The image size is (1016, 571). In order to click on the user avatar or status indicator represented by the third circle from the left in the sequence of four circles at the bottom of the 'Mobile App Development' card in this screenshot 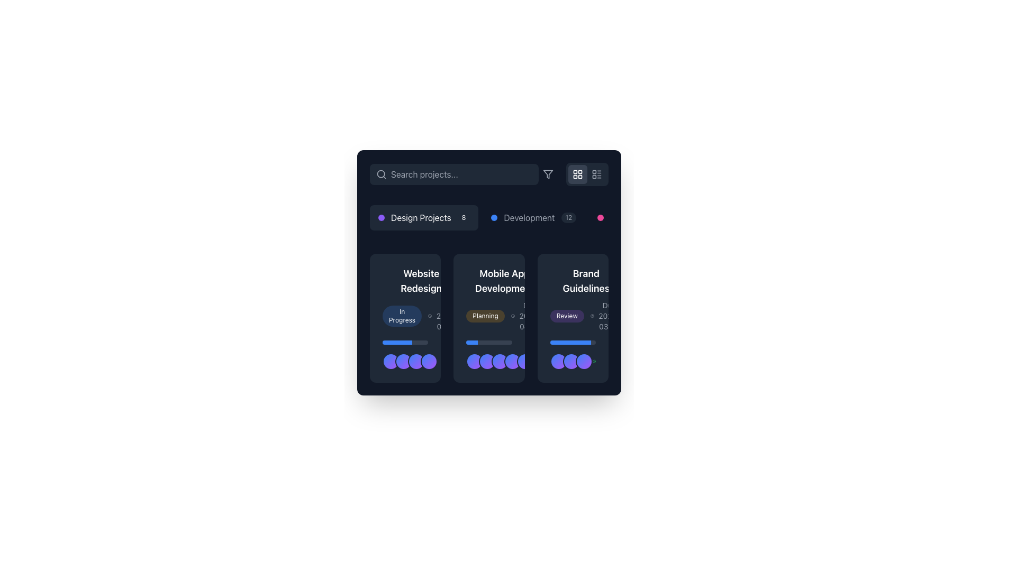, I will do `click(416, 361)`.